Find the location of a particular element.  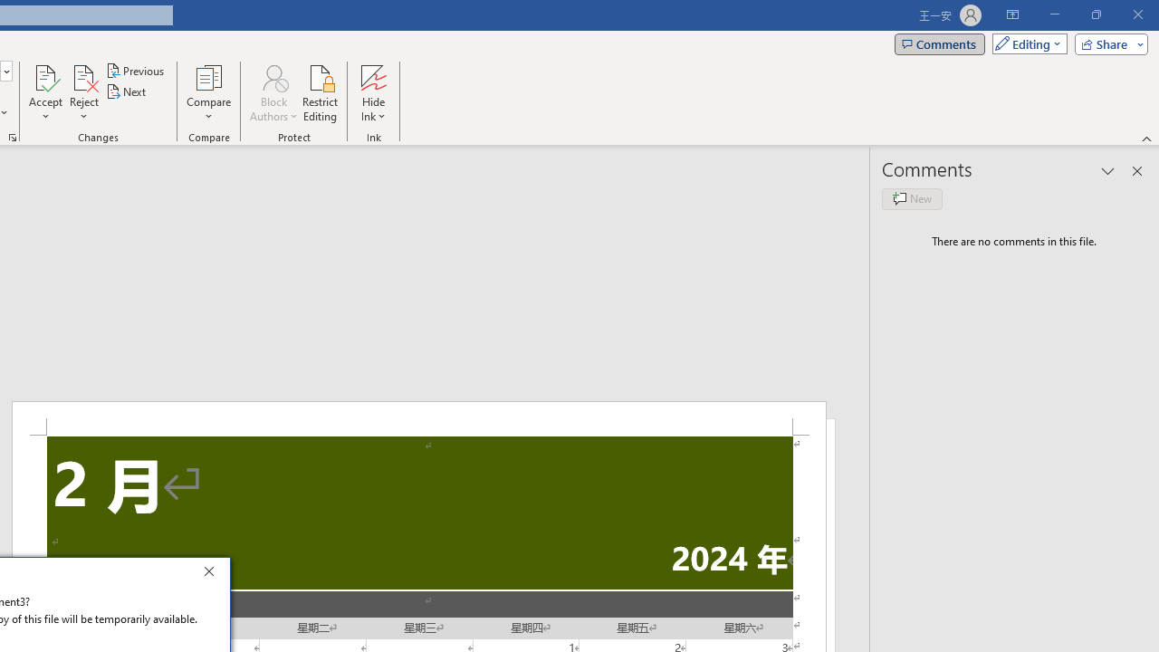

'Block Authors' is located at coordinates (273, 93).